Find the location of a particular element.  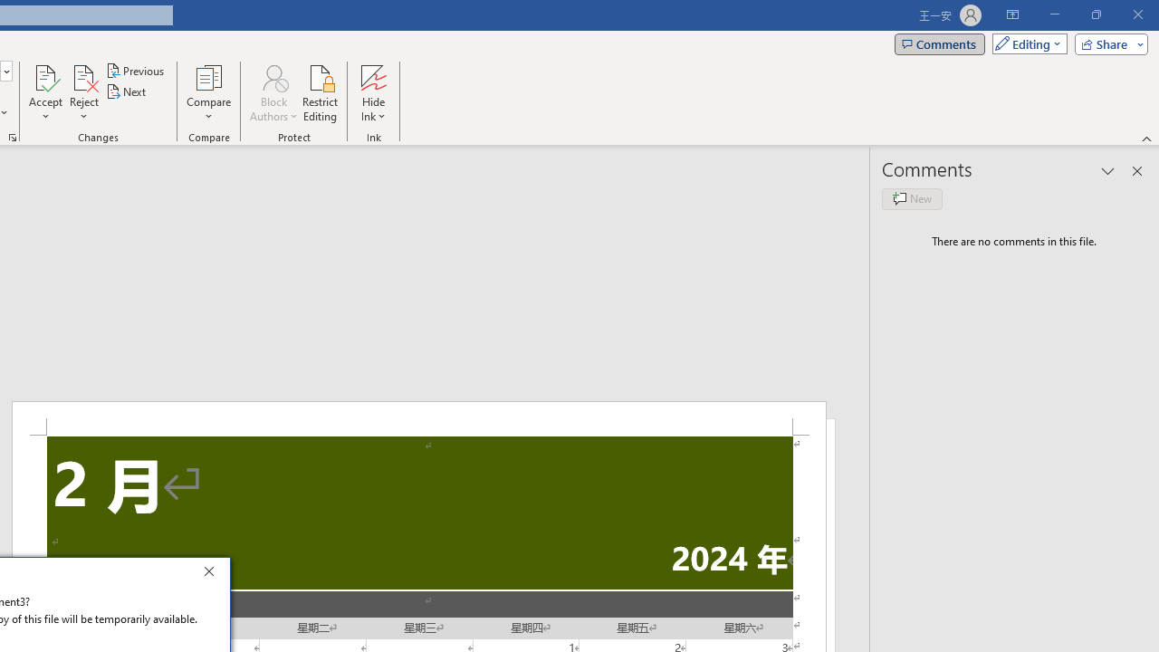

'Block Authors' is located at coordinates (273, 93).